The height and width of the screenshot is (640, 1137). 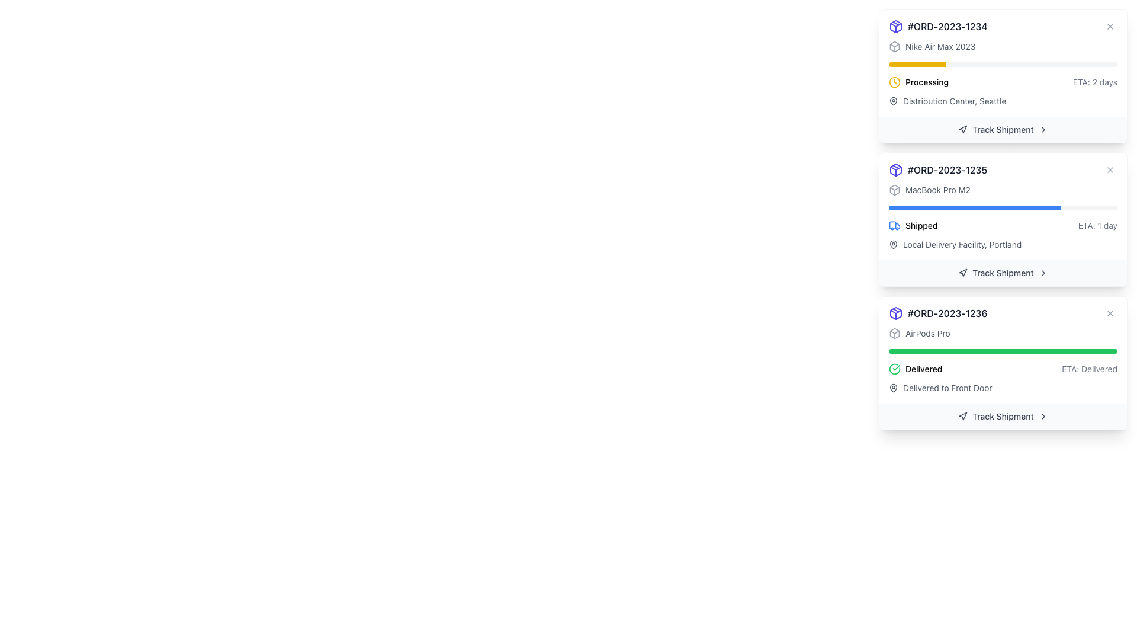 I want to click on estimated time information displayed in the light gray text label showing 'ETA: 1 day', positioned in the second card from the top on the far right side, aligned with the 'Shipped' status text, so click(x=1097, y=226).